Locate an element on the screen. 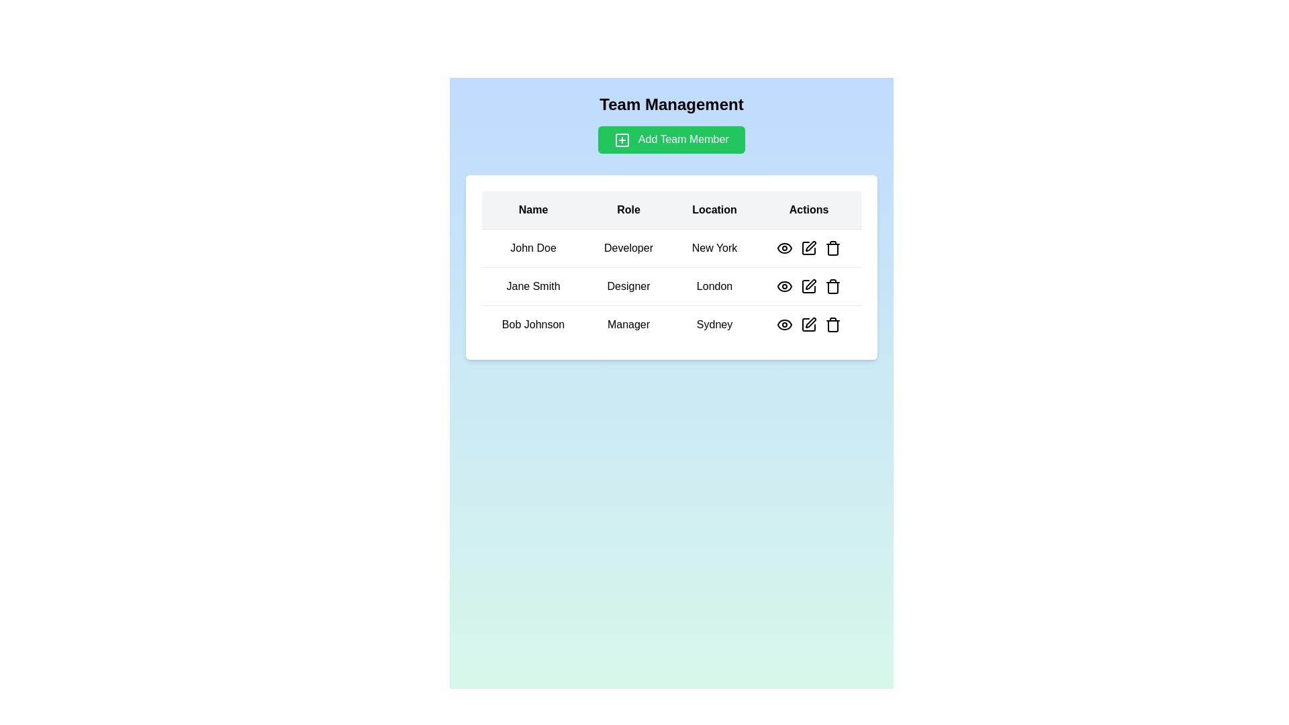 Image resolution: width=1289 pixels, height=725 pixels. label of the table header cell displaying 'Name', which is styled in bold and centered in the header row is located at coordinates (532, 209).